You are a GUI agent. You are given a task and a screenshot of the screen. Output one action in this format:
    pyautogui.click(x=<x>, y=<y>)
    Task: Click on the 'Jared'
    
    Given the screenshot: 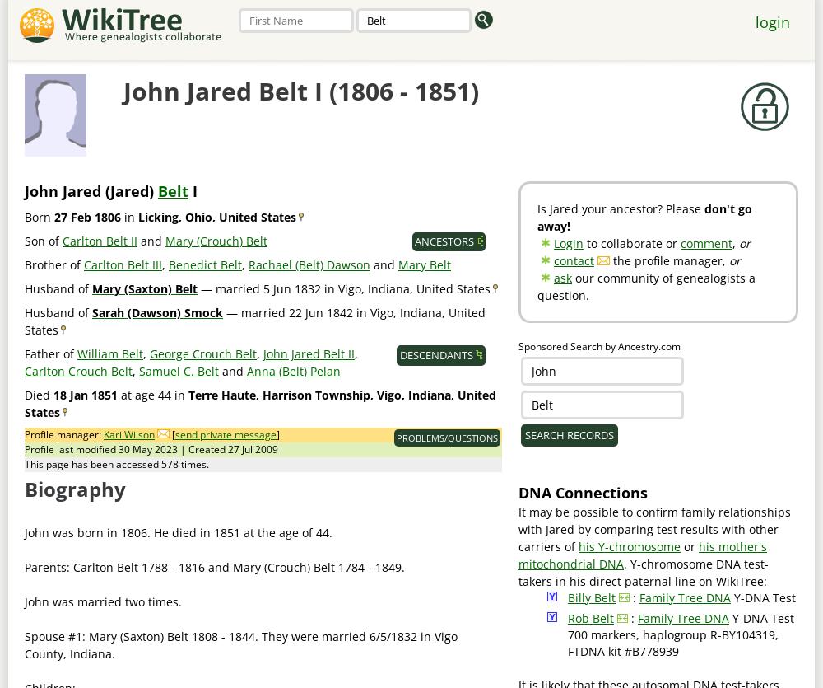 What is the action you would take?
    pyautogui.click(x=81, y=190)
    